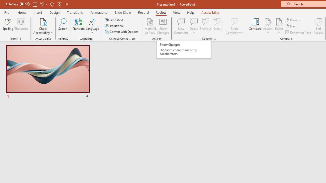 The width and height of the screenshot is (326, 183). Describe the element at coordinates (255, 26) in the screenshot. I see `'Compare'` at that location.